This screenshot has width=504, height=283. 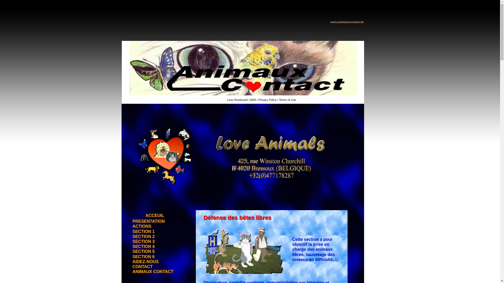 I want to click on 'News', so click(x=153, y=145).